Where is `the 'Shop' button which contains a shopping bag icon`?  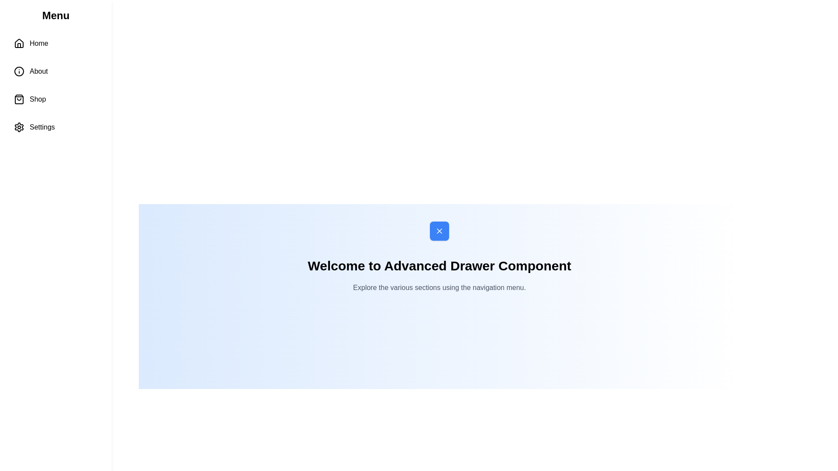 the 'Shop' button which contains a shopping bag icon is located at coordinates (19, 99).